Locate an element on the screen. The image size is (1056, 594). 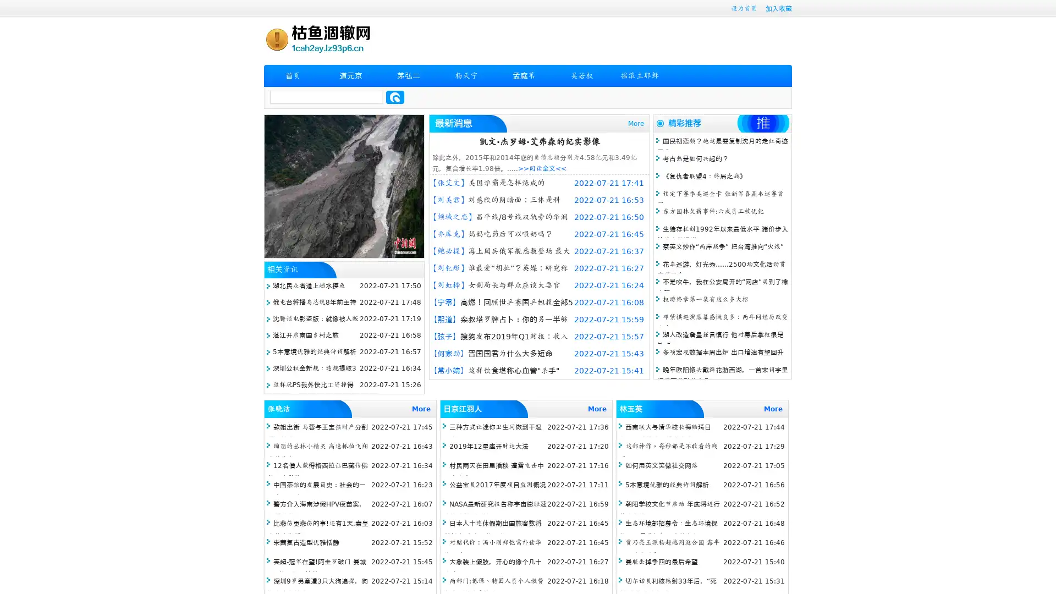
Search is located at coordinates (395, 97).